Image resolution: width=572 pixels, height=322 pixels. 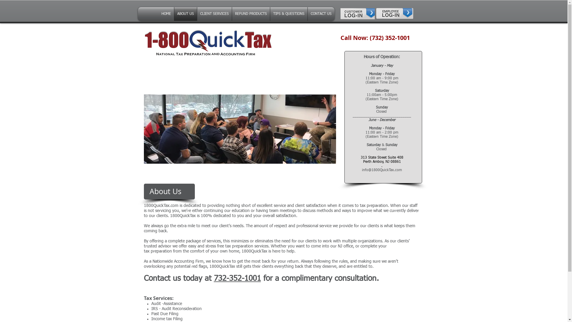 I want to click on 'TIPS & QUESTIONS', so click(x=288, y=13).